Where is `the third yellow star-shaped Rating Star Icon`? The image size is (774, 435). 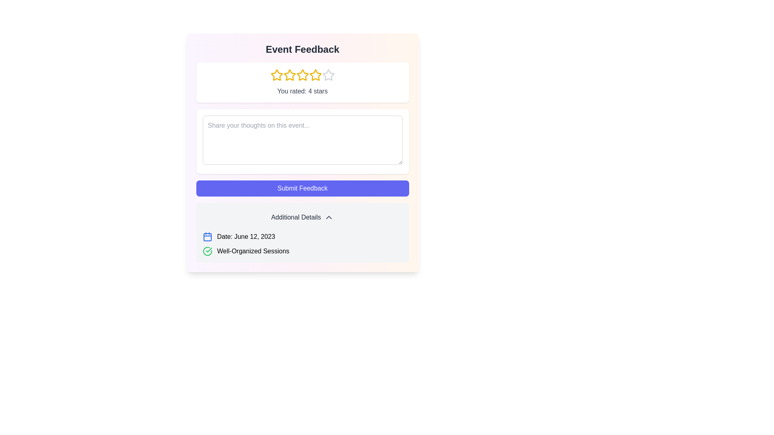
the third yellow star-shaped Rating Star Icon is located at coordinates (302, 75).